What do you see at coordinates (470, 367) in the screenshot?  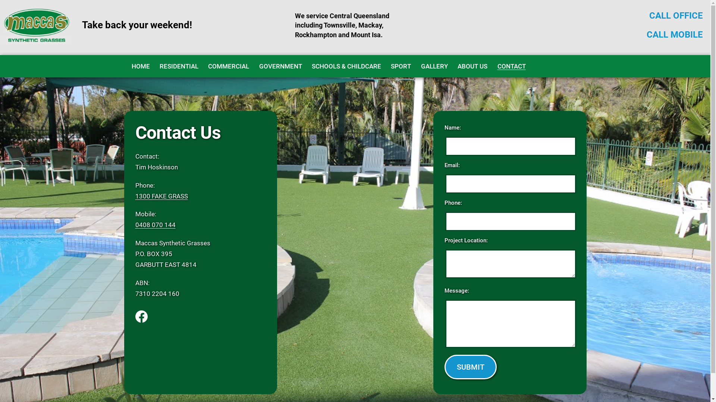 I see `'Submit'` at bounding box center [470, 367].